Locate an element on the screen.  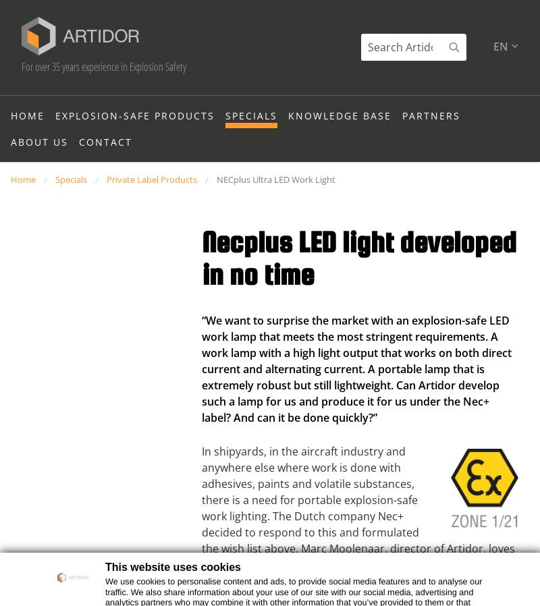
'Explosion-safe products' is located at coordinates (135, 140).